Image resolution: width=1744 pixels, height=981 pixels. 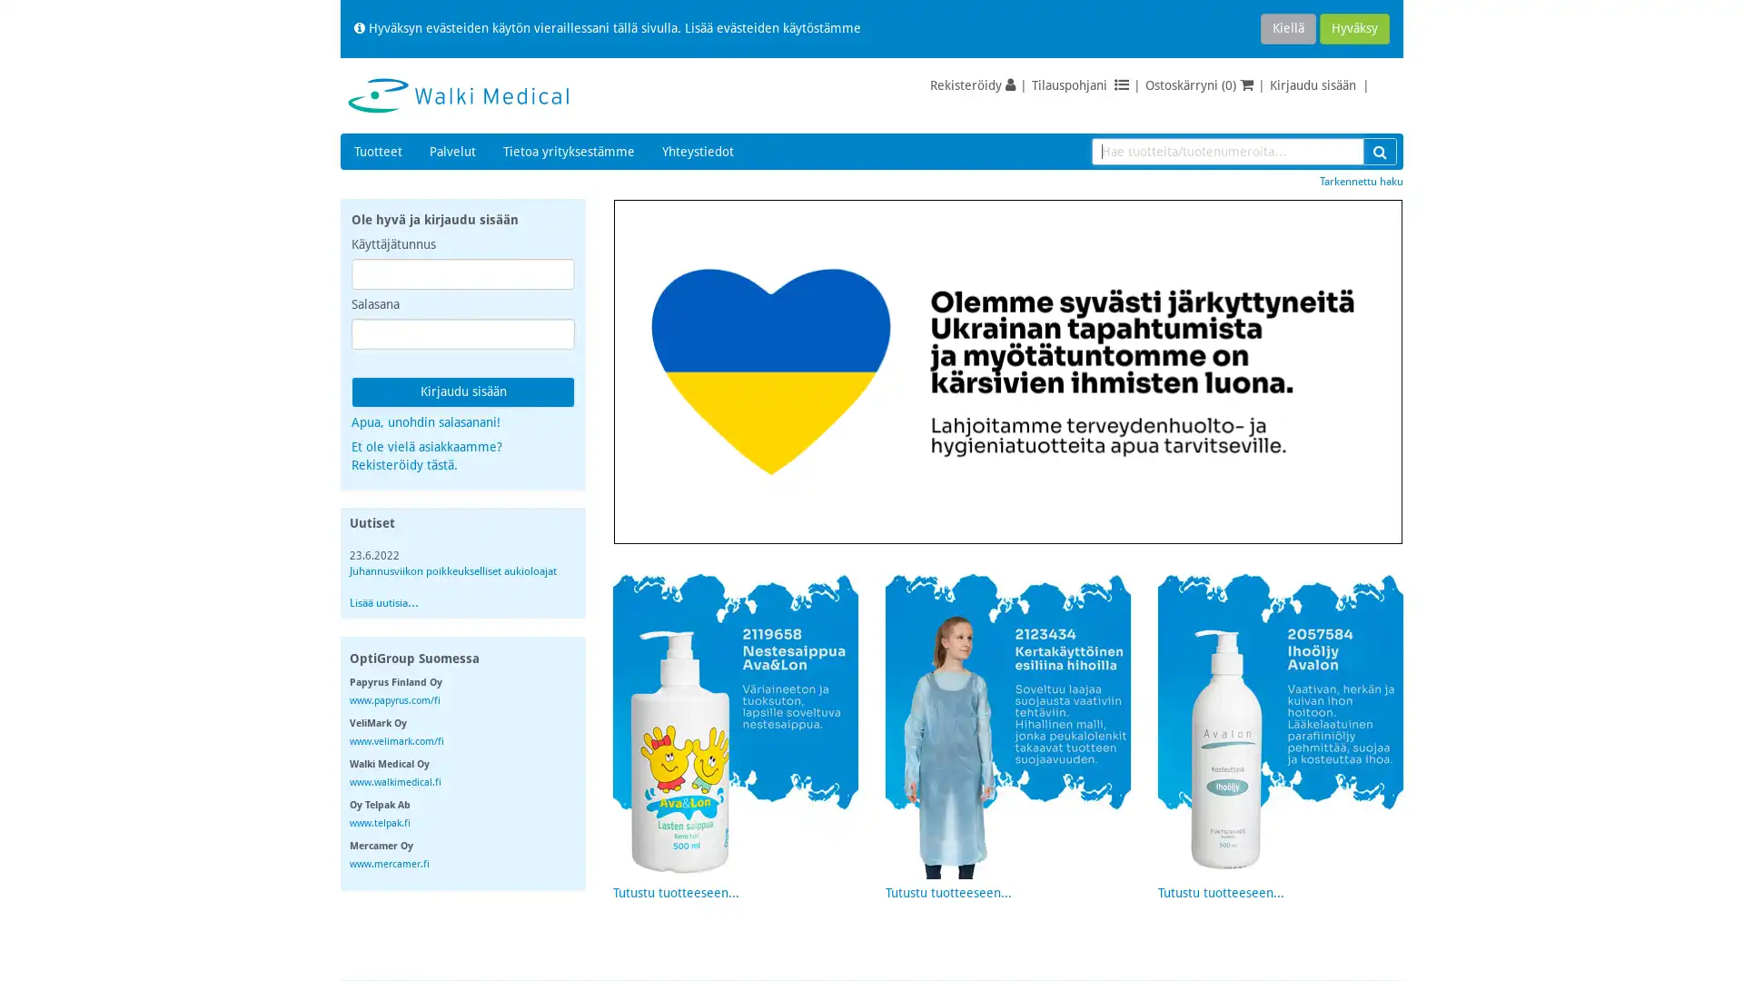 I want to click on Kiella, so click(x=1287, y=28).